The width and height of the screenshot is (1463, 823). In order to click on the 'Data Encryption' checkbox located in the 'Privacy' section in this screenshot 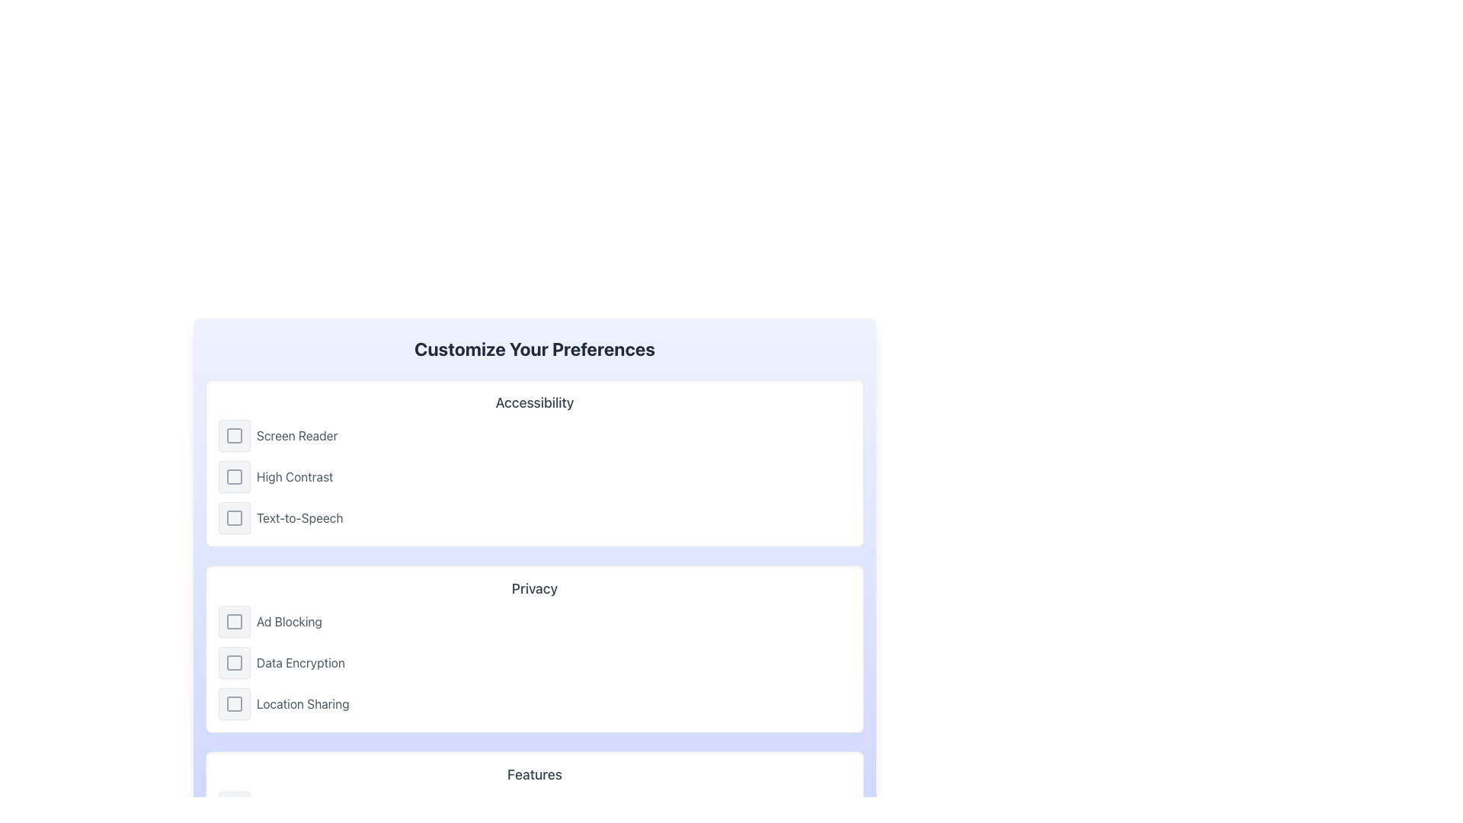, I will do `click(233, 662)`.